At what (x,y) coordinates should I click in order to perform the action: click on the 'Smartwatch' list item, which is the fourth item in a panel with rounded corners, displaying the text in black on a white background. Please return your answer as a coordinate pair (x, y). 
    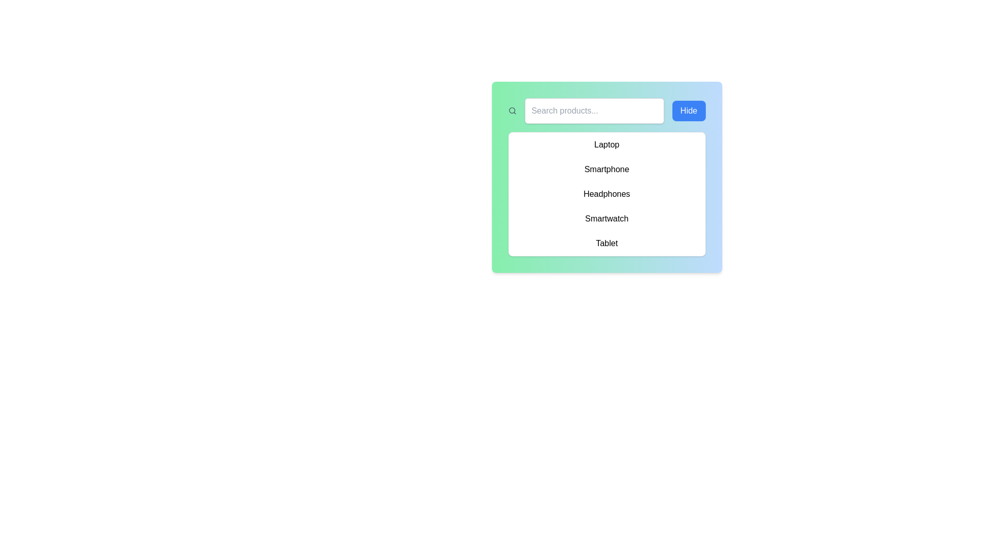
    Looking at the image, I should click on (607, 218).